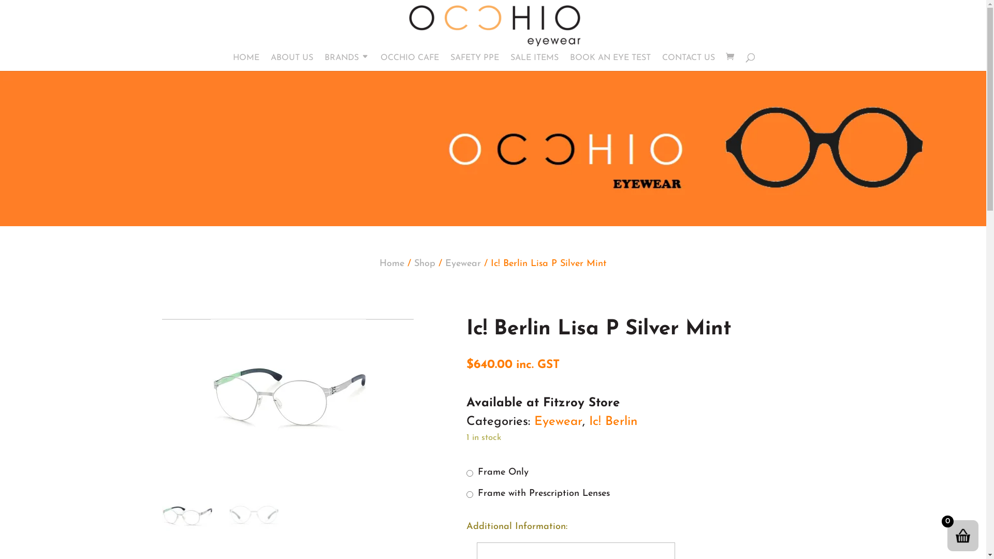  Describe the element at coordinates (688, 62) in the screenshot. I see `'CONTACT US'` at that location.